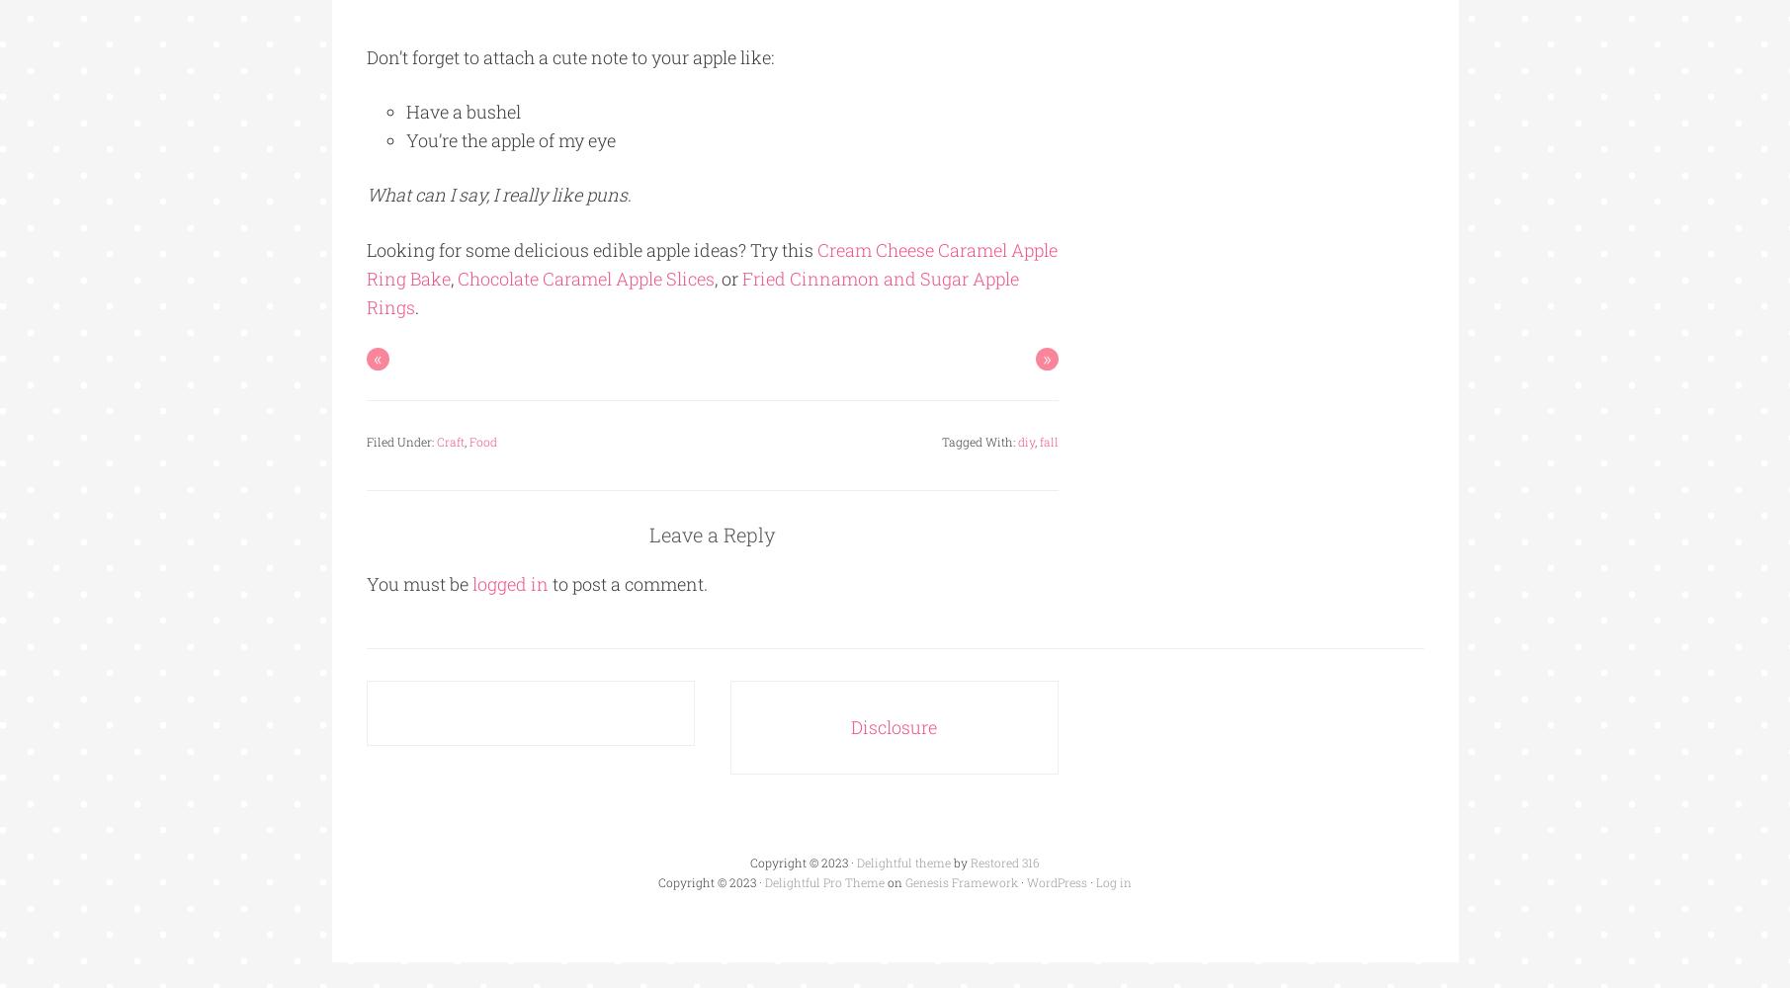 This screenshot has height=988, width=1790. Describe the element at coordinates (884, 881) in the screenshot. I see `'on'` at that location.